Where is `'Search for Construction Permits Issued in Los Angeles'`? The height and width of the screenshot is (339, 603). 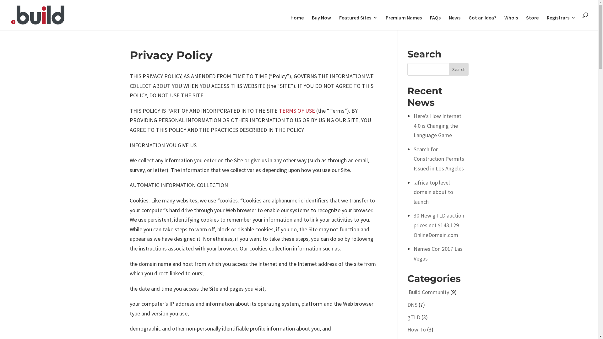
'Search for Construction Permits Issued in Los Angeles' is located at coordinates (438, 158).